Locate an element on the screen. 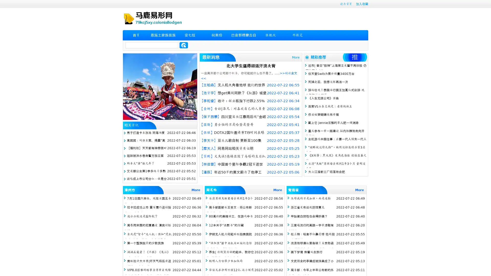  Search is located at coordinates (184, 45).